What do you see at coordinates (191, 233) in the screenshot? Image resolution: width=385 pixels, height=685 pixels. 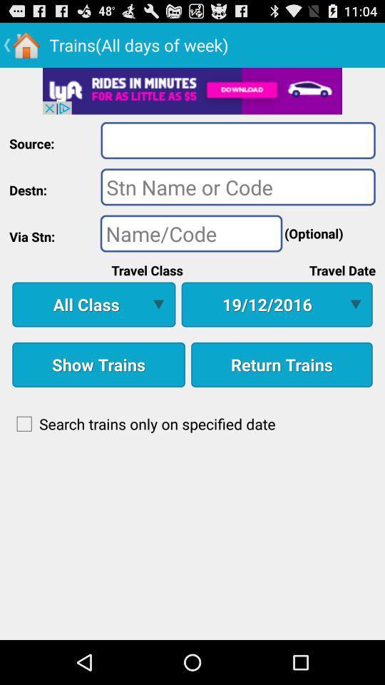 I see `give name/code detail` at bounding box center [191, 233].